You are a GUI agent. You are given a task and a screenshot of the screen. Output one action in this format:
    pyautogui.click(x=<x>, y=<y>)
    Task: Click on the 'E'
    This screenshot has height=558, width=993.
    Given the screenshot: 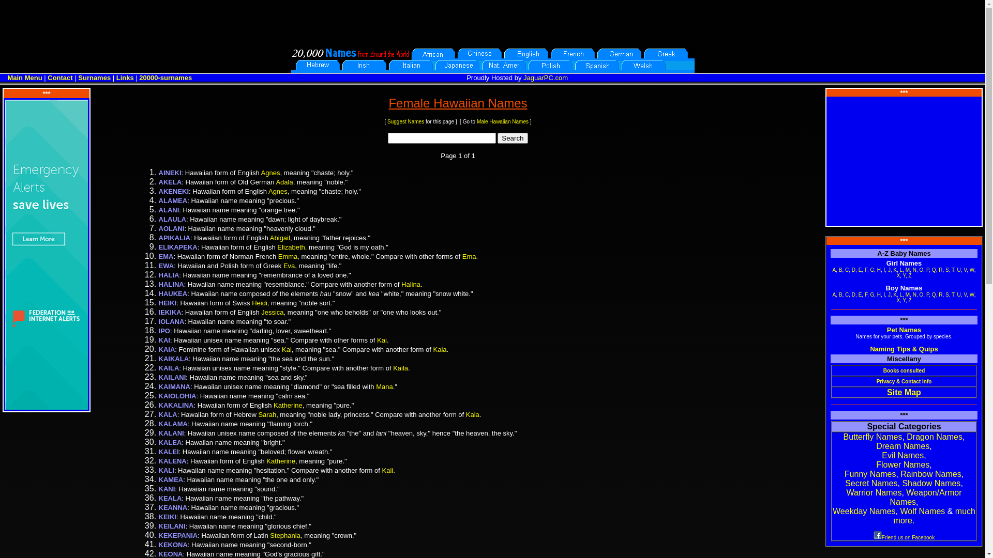 What is the action you would take?
    pyautogui.click(x=860, y=295)
    